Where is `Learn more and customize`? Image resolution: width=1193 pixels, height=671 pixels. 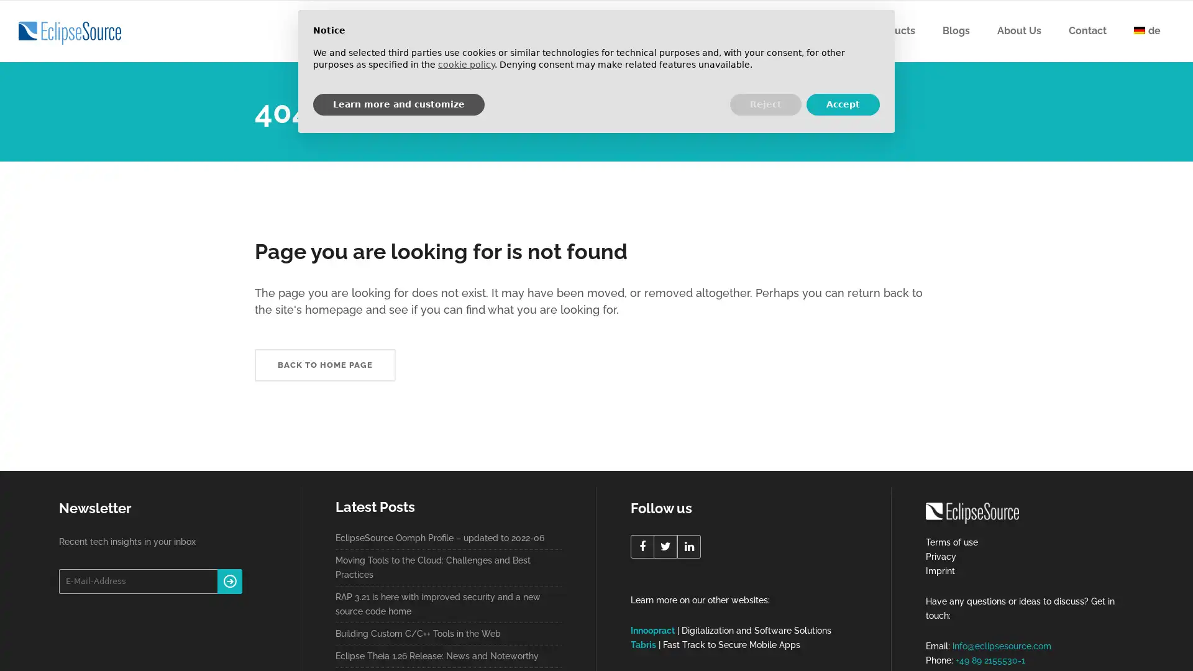 Learn more and customize is located at coordinates (399, 104).